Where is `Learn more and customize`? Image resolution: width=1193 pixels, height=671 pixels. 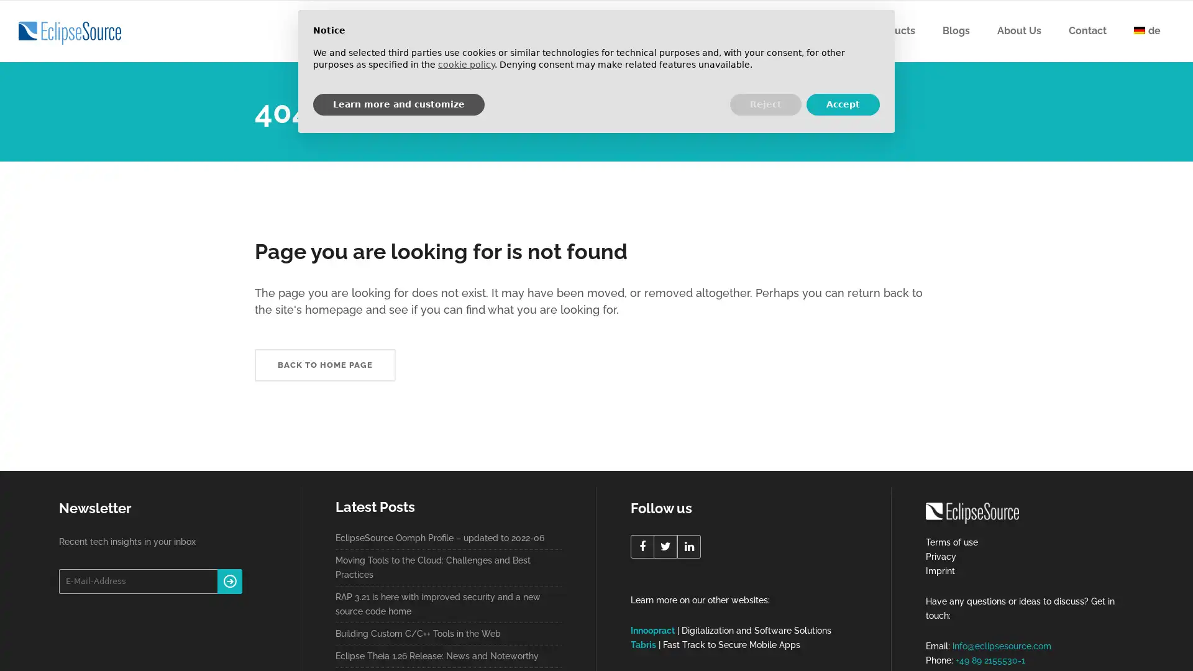 Learn more and customize is located at coordinates (399, 104).